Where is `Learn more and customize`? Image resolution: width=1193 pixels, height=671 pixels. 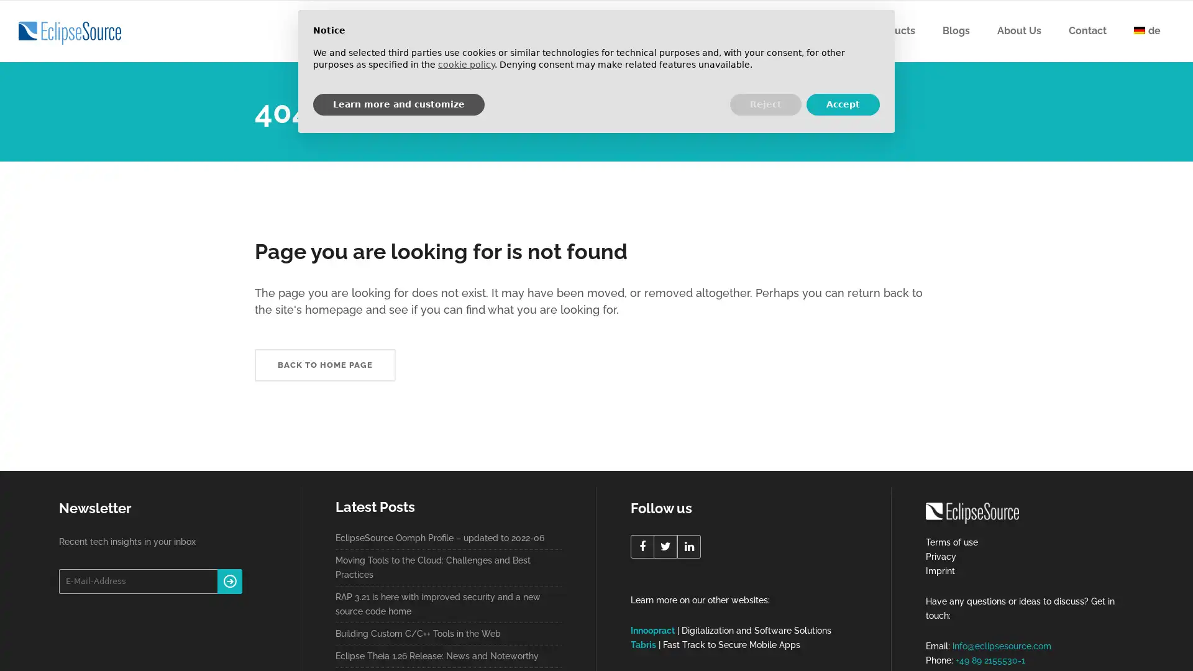 Learn more and customize is located at coordinates (399, 104).